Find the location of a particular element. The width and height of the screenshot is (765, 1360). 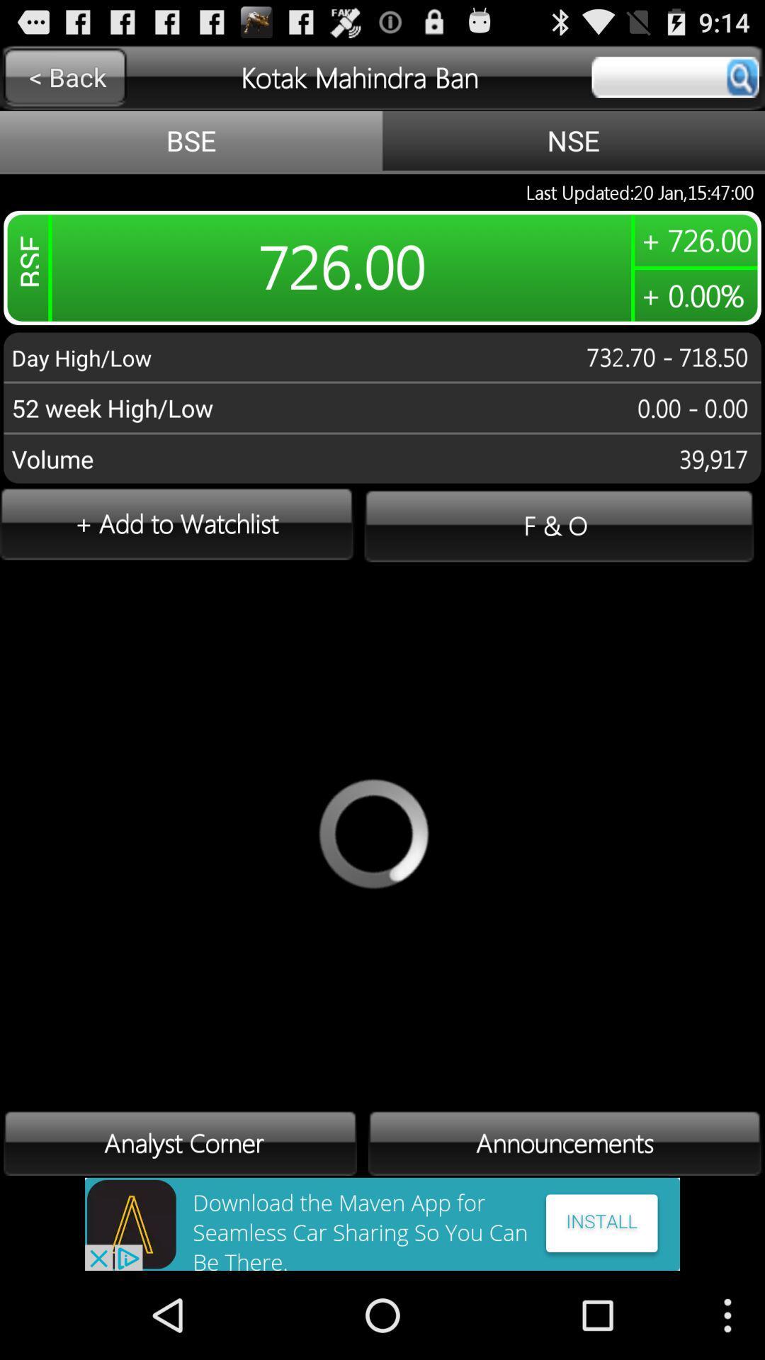

search is located at coordinates (674, 76).